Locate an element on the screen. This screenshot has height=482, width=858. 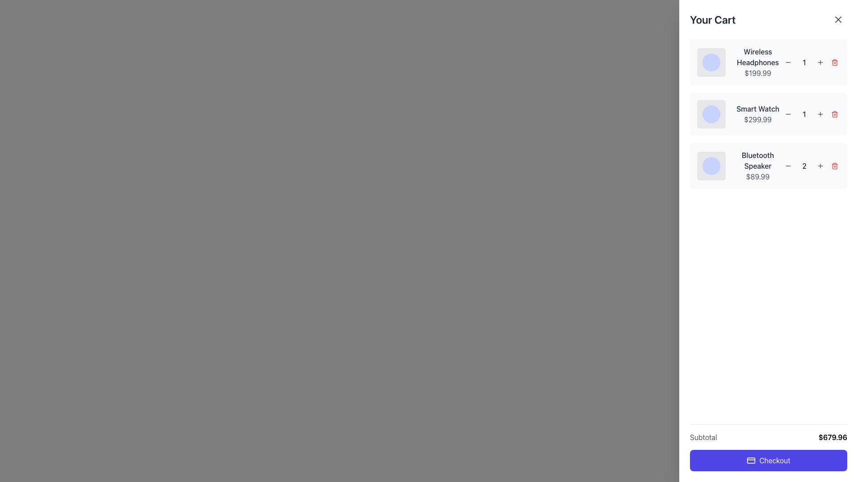
the small circular red button with a trash bin icon located at the far right of the 'Bluetooth Speaker' item in the shopping cart is located at coordinates (834, 166).